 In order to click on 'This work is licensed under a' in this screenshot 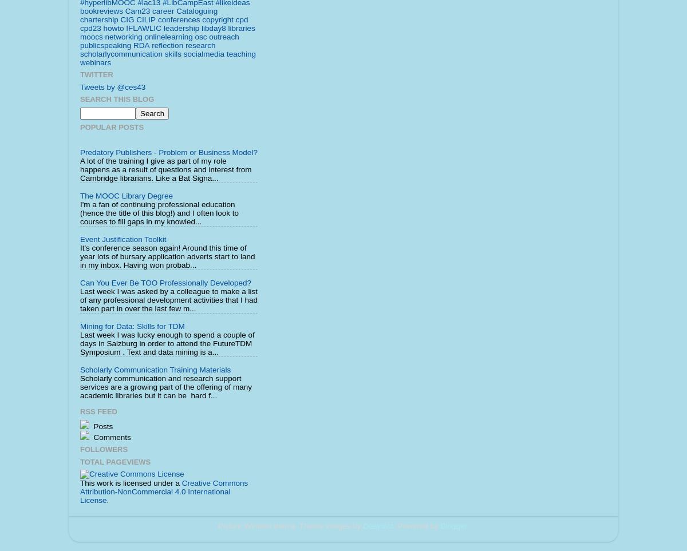, I will do `click(80, 483)`.